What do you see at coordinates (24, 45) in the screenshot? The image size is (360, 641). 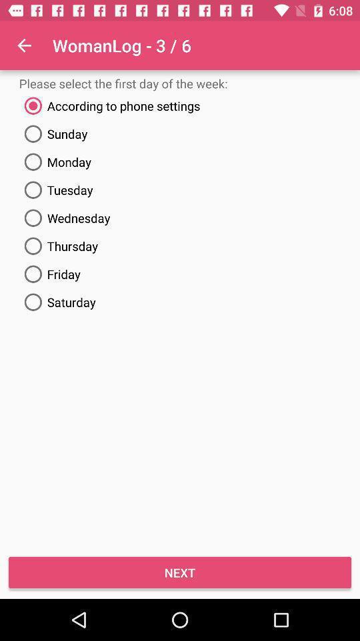 I see `item to the left of womanlog - 3 / 6` at bounding box center [24, 45].